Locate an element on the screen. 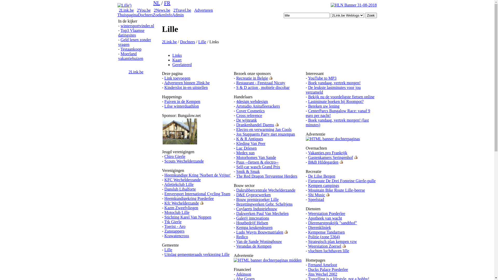 Image resolution: width=498 pixels, height=280 pixels. 'Houtbedrijf Helsen' is located at coordinates (252, 222).